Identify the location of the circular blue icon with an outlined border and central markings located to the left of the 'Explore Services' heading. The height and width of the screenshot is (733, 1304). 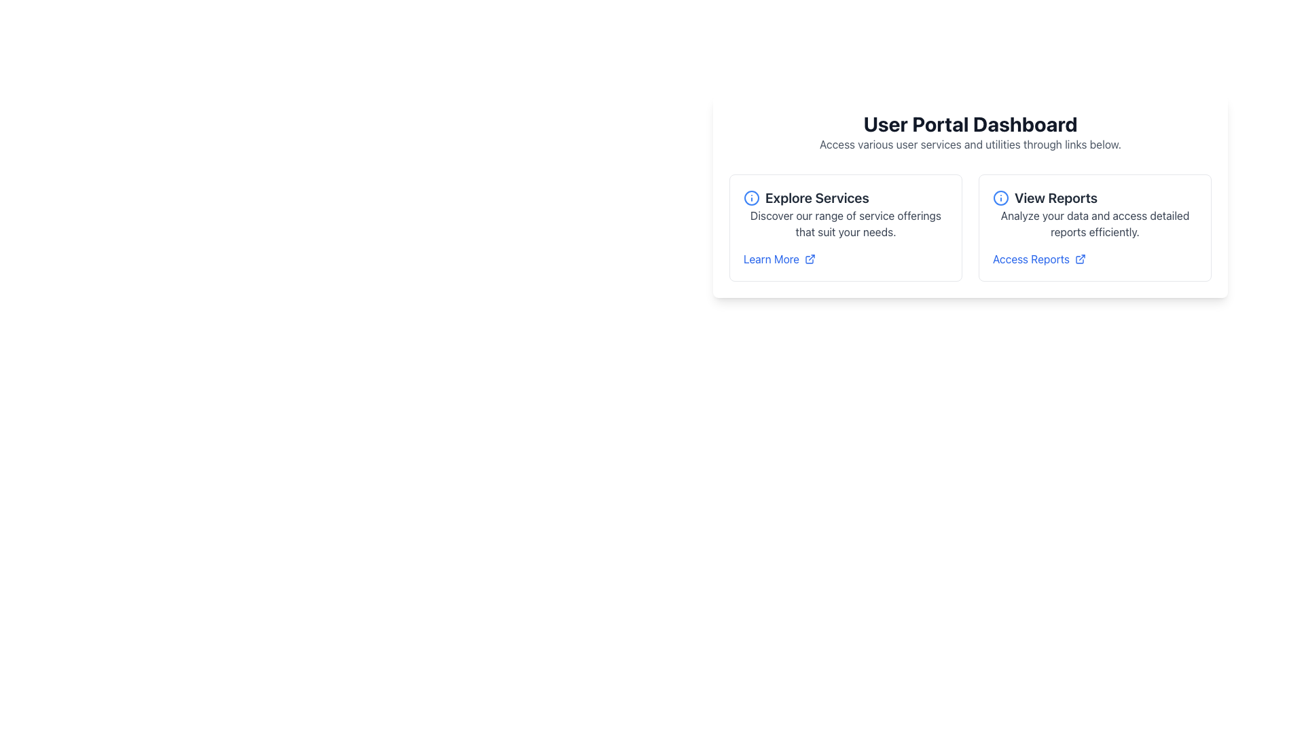
(751, 198).